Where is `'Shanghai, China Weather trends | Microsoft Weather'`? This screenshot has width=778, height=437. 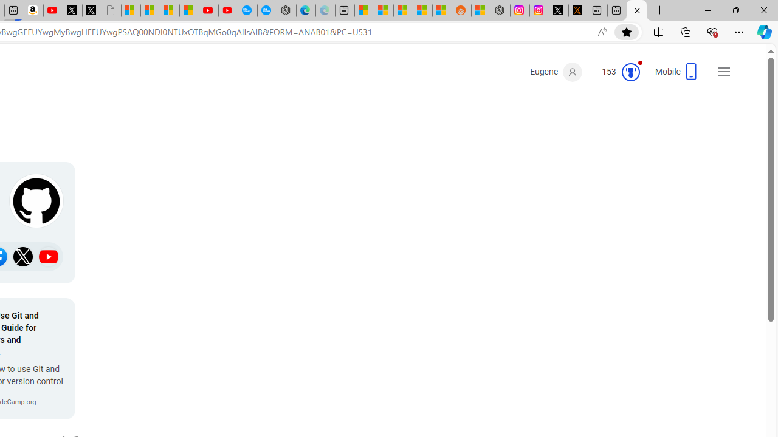
'Shanghai, China Weather trends | Microsoft Weather' is located at coordinates (441, 10).